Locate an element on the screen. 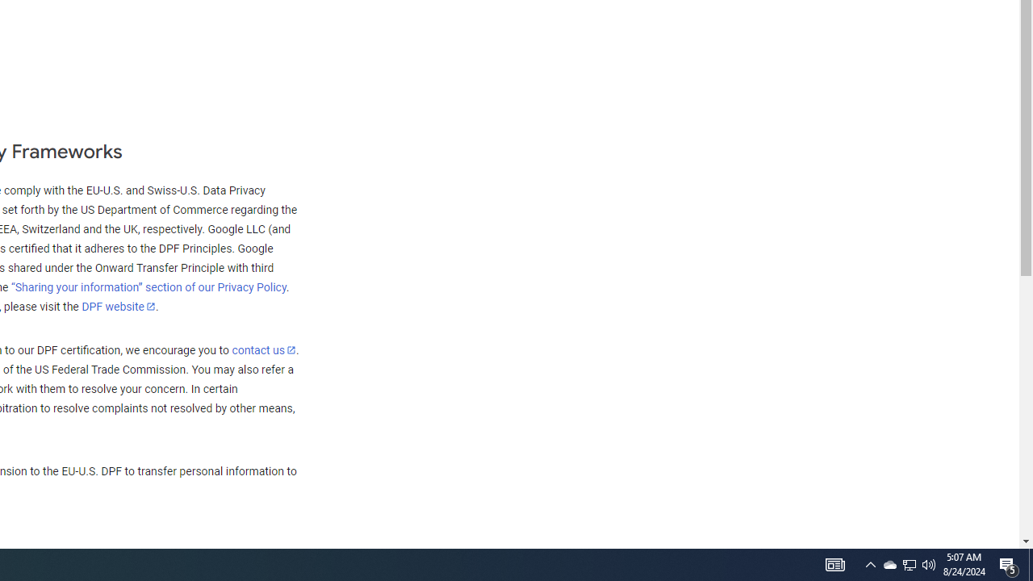 The image size is (1033, 581). 'contact us' is located at coordinates (264, 349).